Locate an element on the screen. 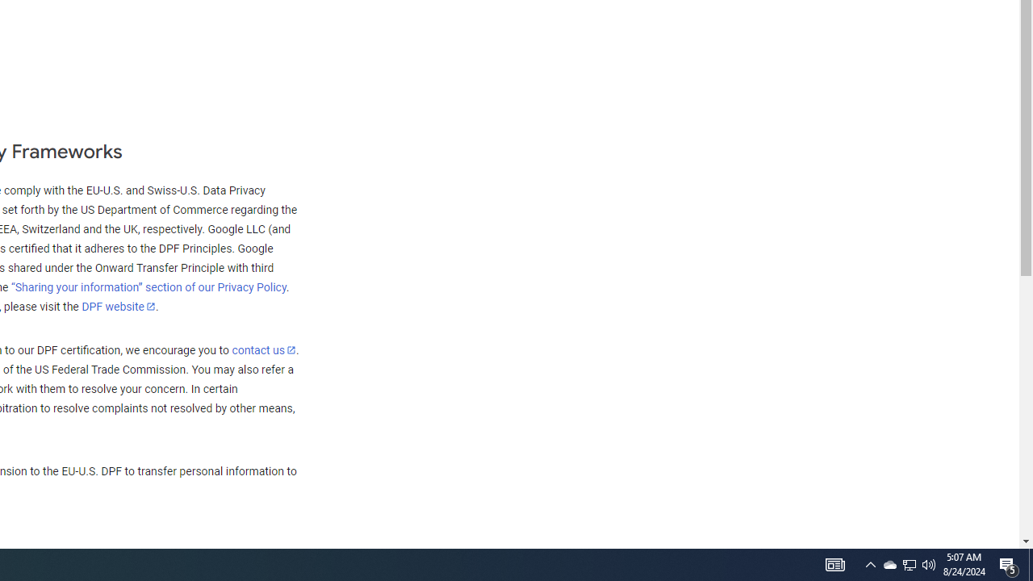 The image size is (1033, 581). 'contact us' is located at coordinates (264, 349).